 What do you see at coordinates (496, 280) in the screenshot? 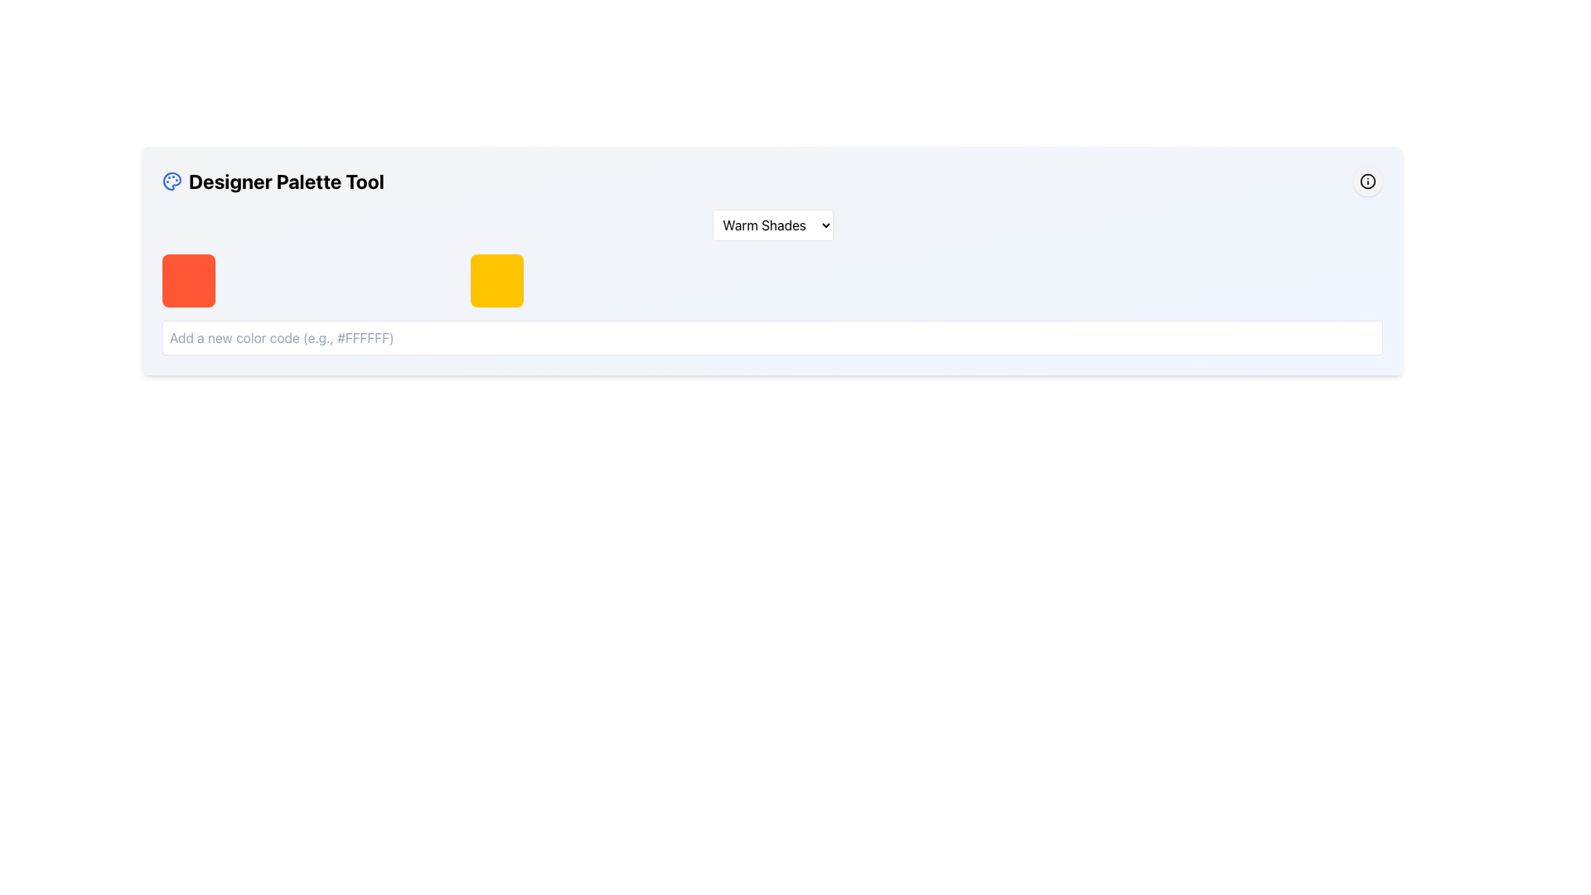
I see `the interactive color swatch located to the right of the orange color square in the color palette` at bounding box center [496, 280].